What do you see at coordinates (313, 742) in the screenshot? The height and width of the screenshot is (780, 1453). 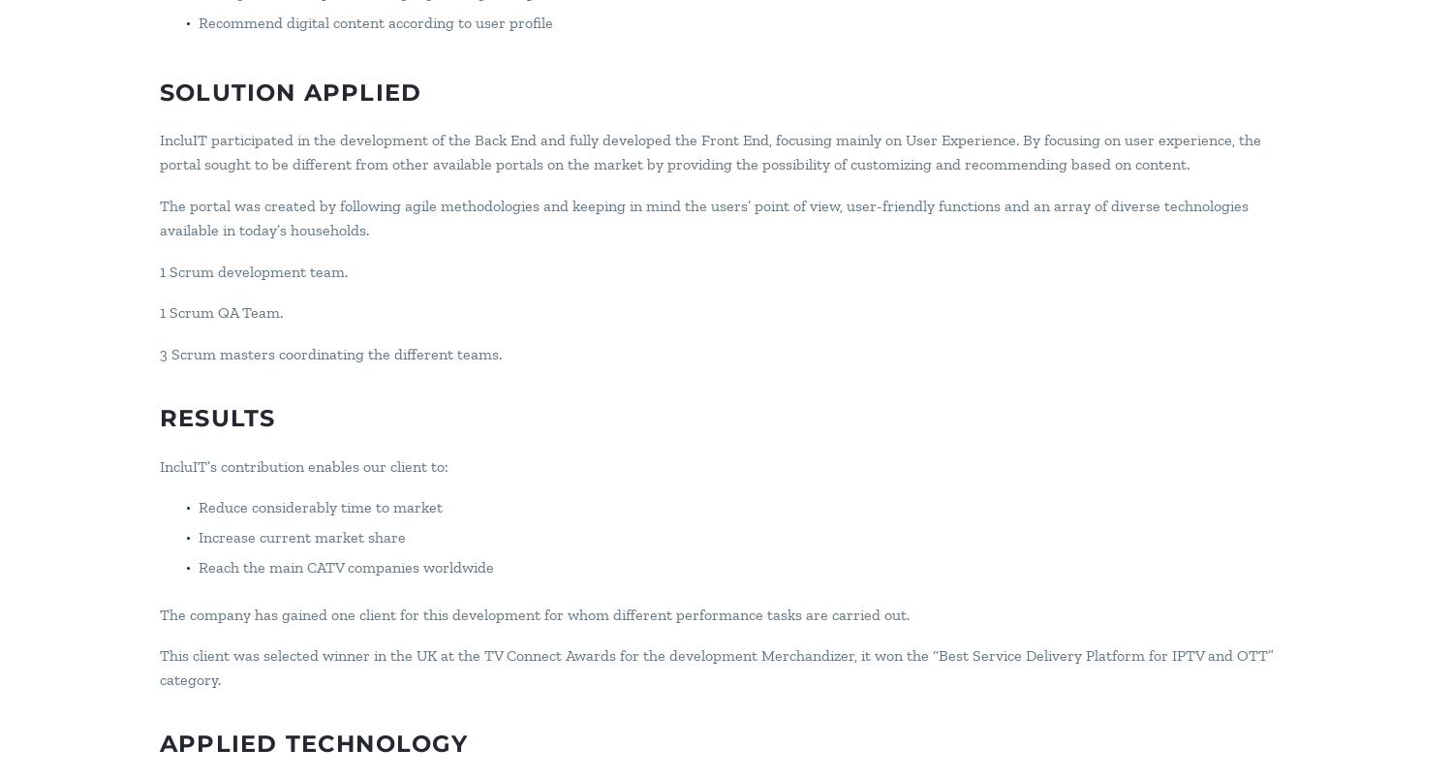 I see `'Applied Technology'` at bounding box center [313, 742].